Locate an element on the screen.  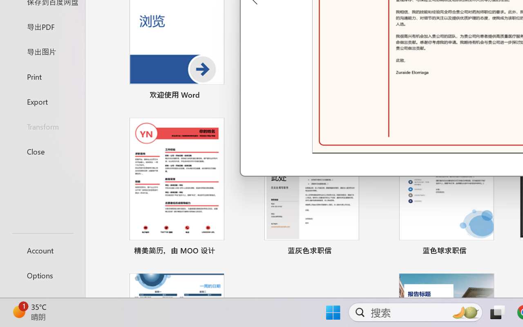
'Print' is located at coordinates (42, 76).